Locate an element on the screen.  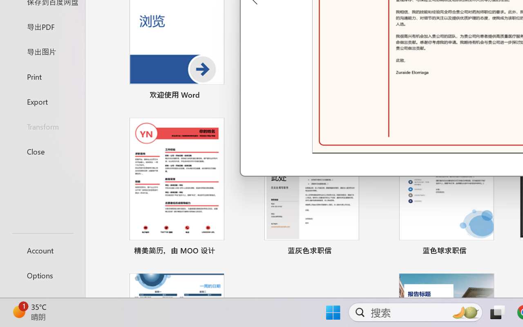
'Print' is located at coordinates (42, 76).